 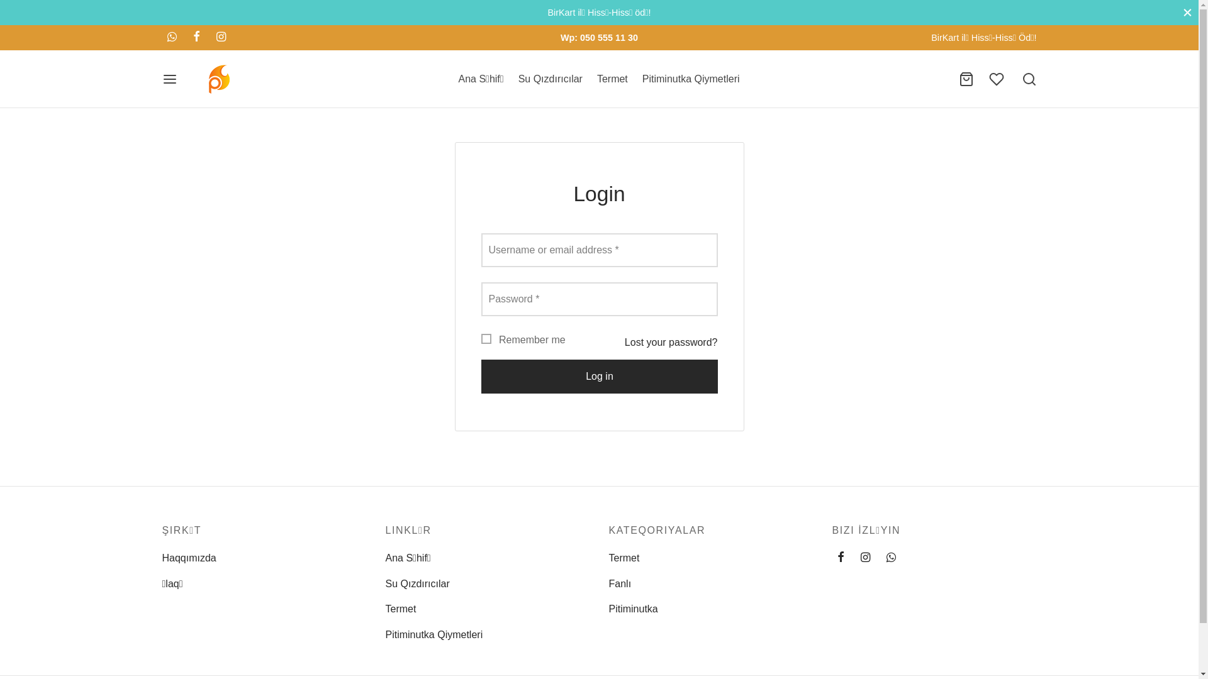 What do you see at coordinates (171, 37) in the screenshot?
I see `'whatsapp'` at bounding box center [171, 37].